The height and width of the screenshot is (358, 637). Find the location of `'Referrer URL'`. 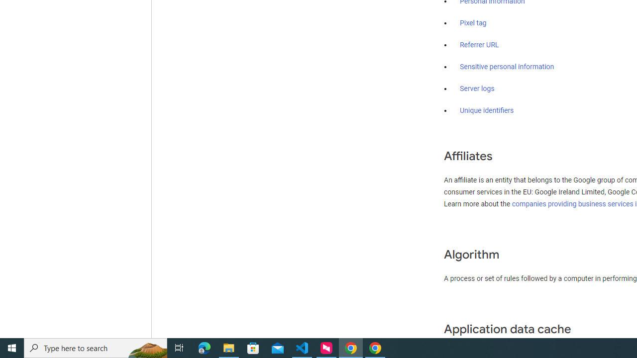

'Referrer URL' is located at coordinates (479, 45).